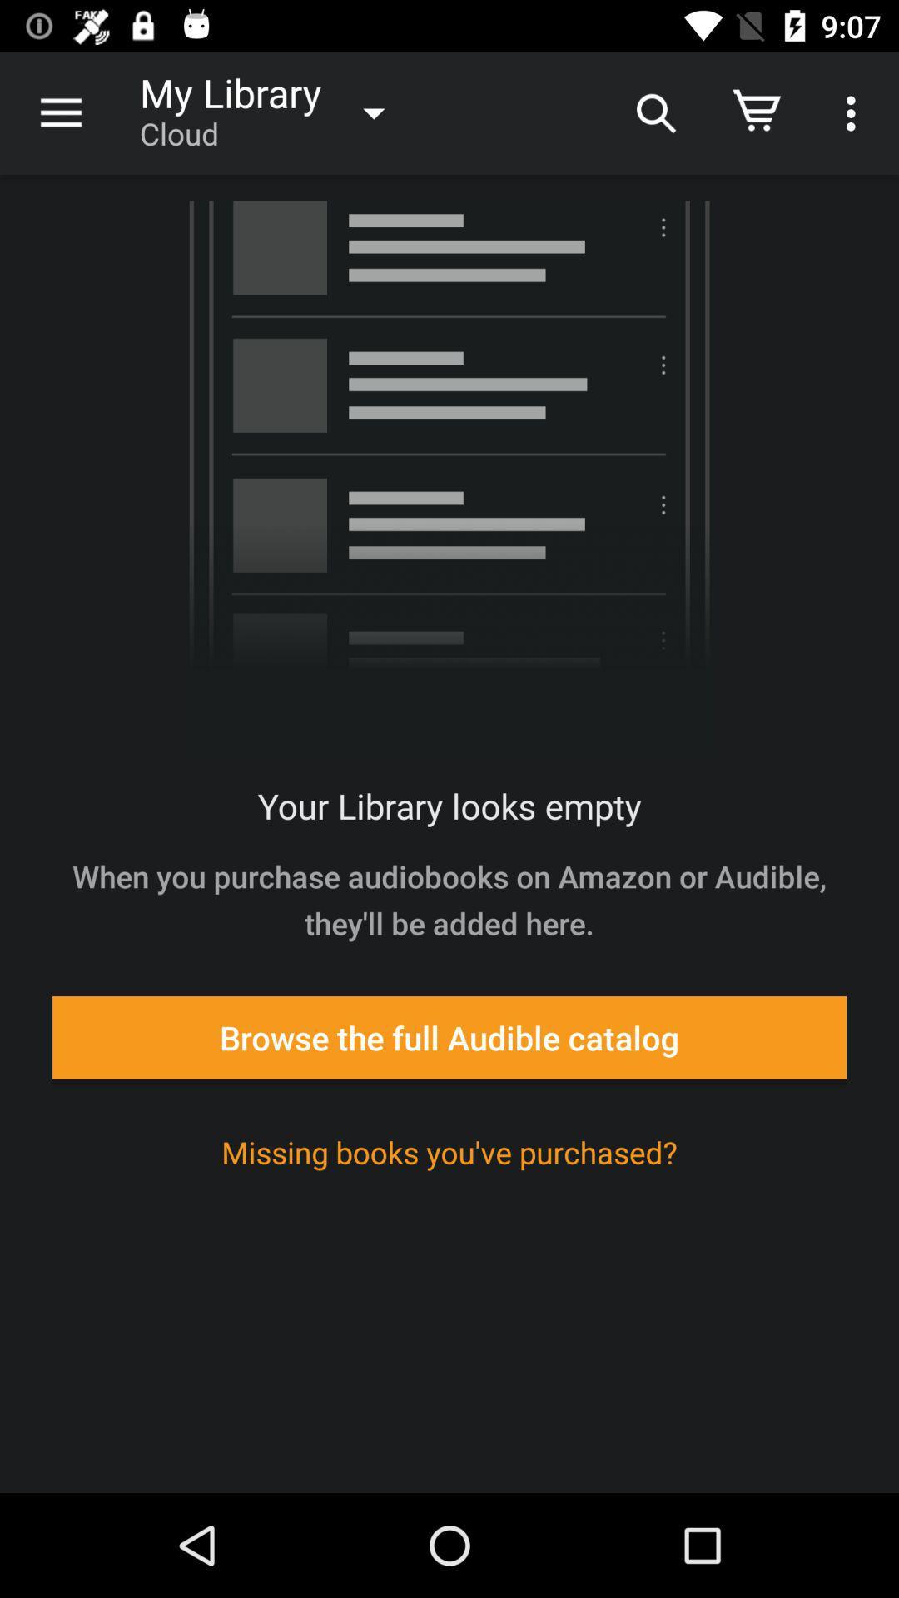 The width and height of the screenshot is (899, 1598). Describe the element at coordinates (449, 1151) in the screenshot. I see `icon below browse the full icon` at that location.